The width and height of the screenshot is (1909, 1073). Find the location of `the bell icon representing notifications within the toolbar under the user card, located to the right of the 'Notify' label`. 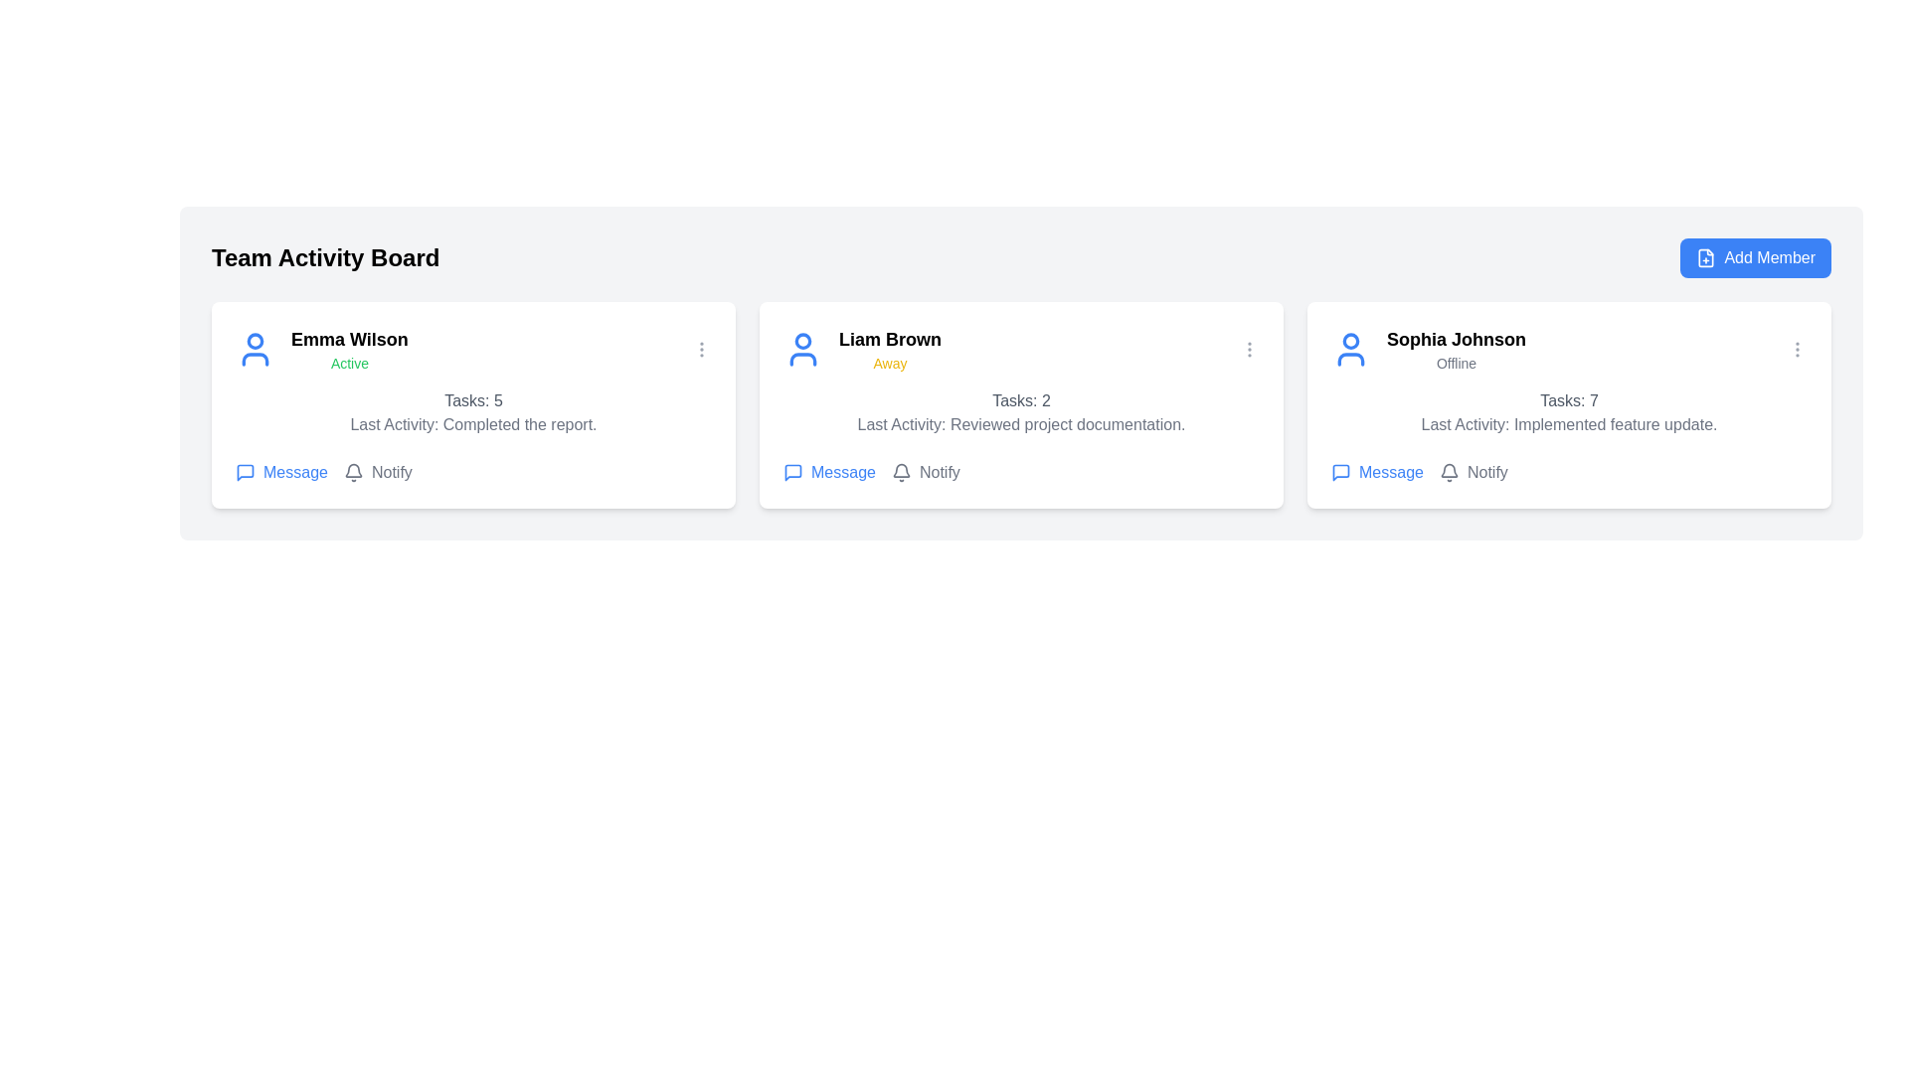

the bell icon representing notifications within the toolbar under the user card, located to the right of the 'Notify' label is located at coordinates (353, 472).